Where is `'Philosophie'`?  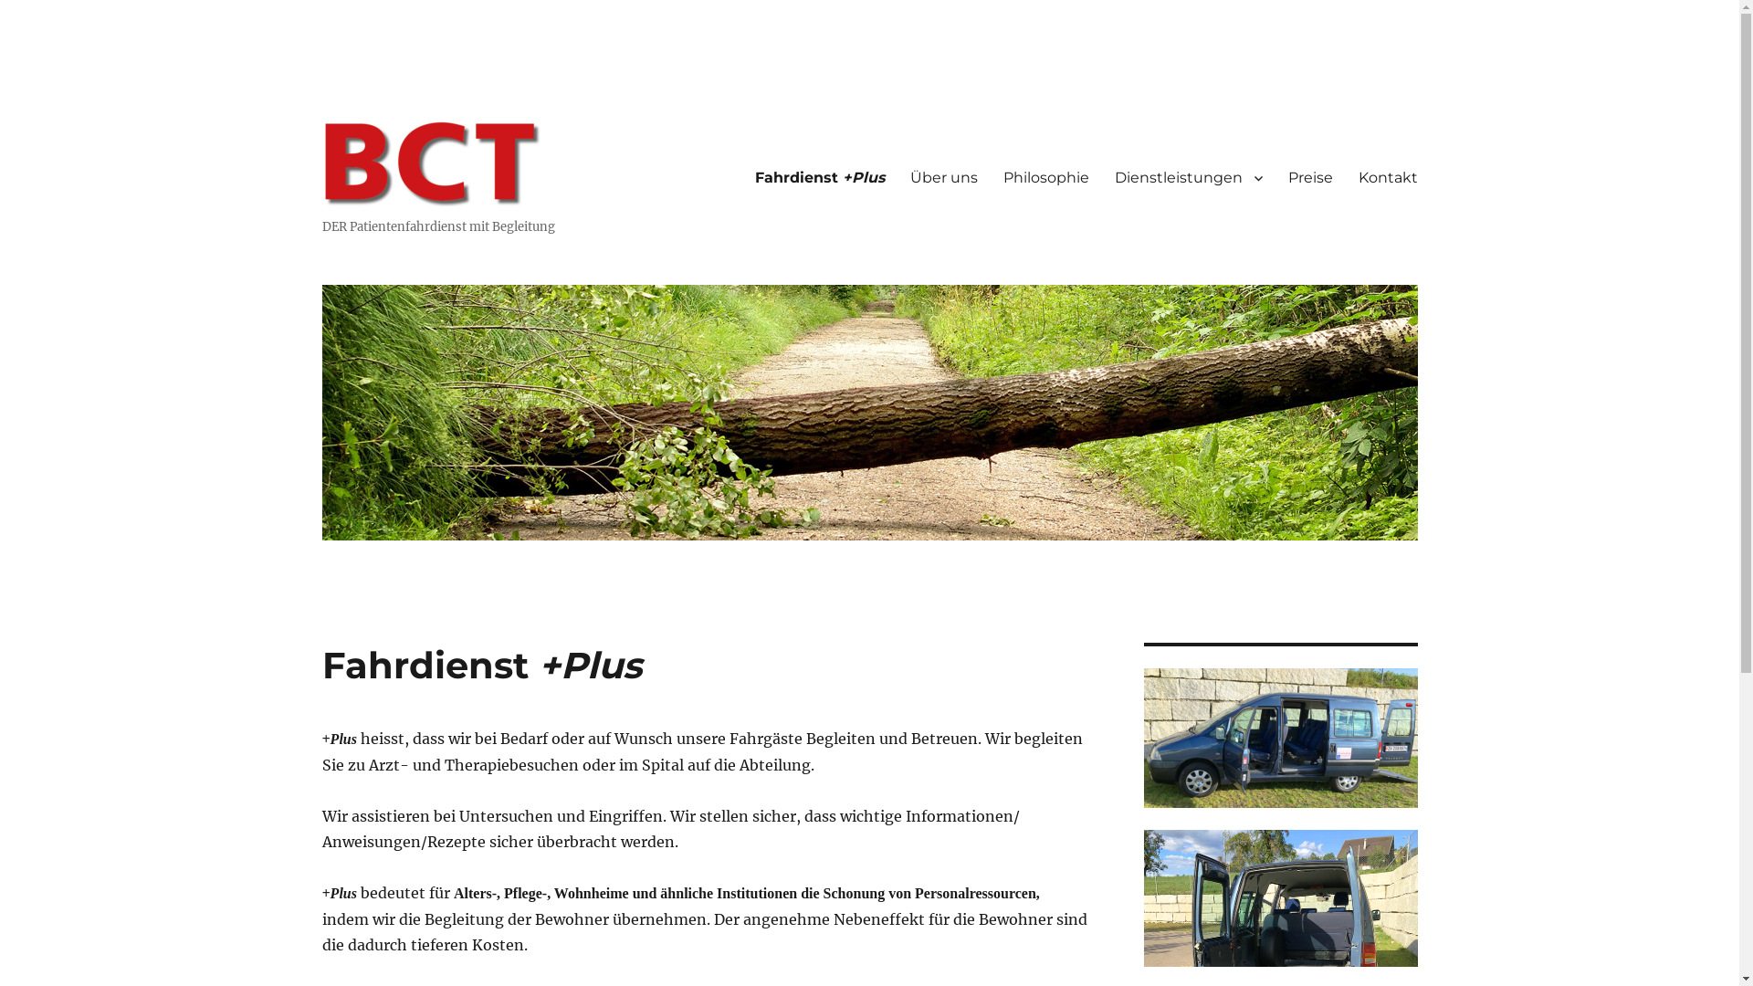
'Philosophie' is located at coordinates (1045, 178).